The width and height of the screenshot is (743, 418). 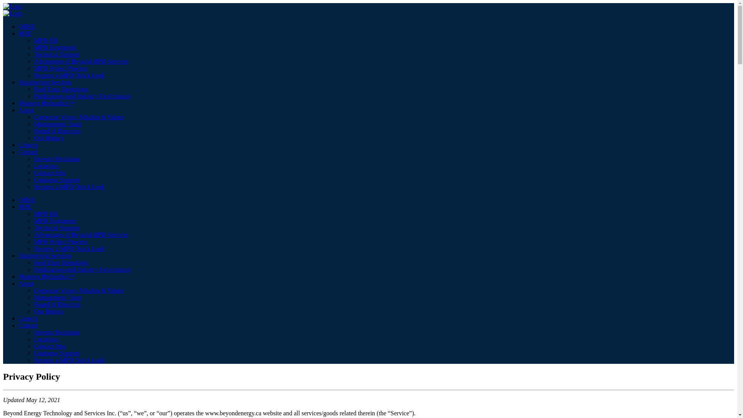 I want to click on 'Corporate Vision, Mission & Values', so click(x=79, y=117).